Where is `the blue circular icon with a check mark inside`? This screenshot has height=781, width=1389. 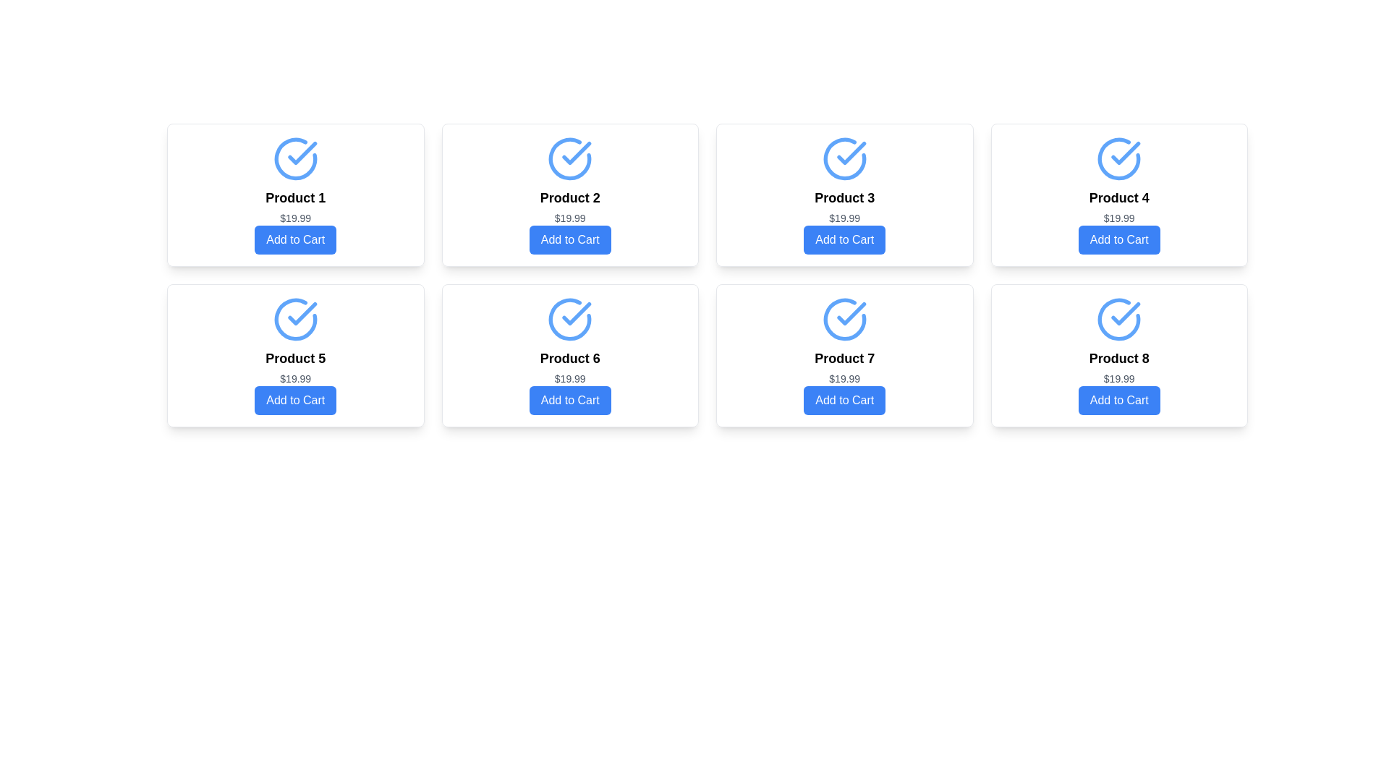
the blue circular icon with a check mark inside is located at coordinates (844, 158).